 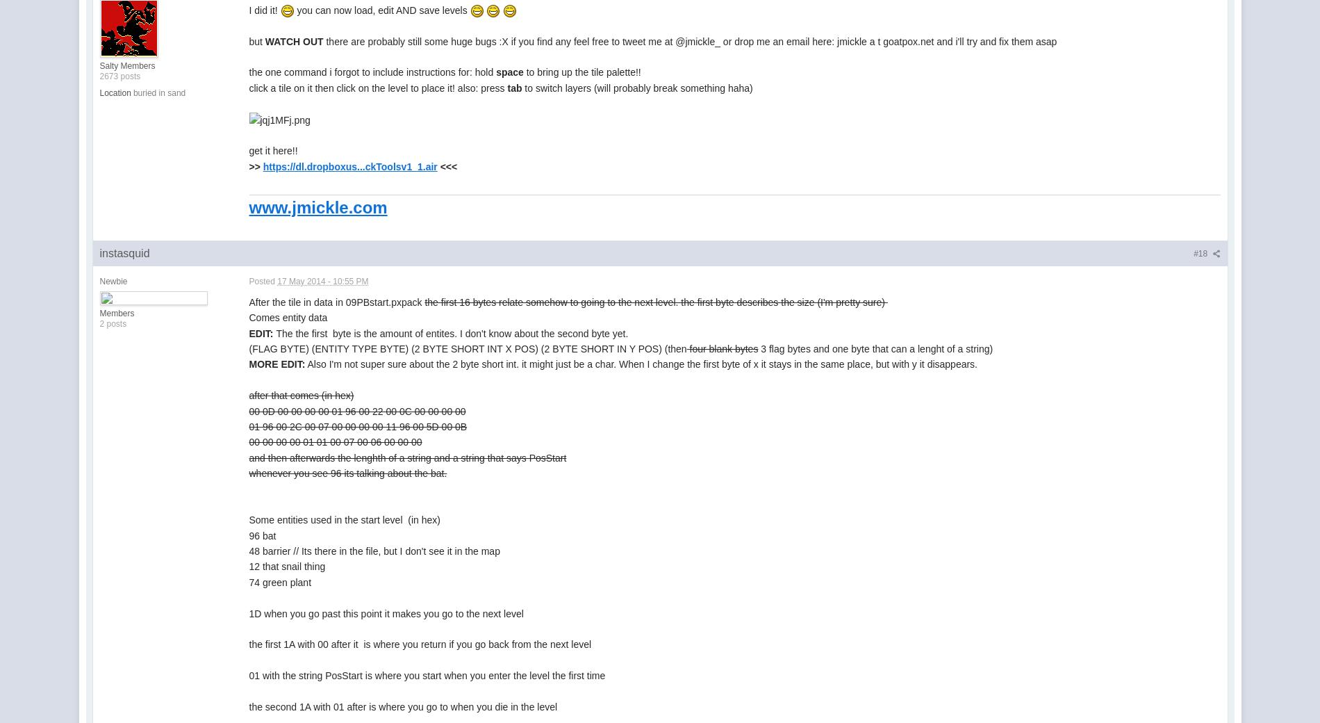 I want to click on '00 0D 00 00 00 00 01 96 00 22 00 0C 00 00 00 00', so click(x=356, y=410).